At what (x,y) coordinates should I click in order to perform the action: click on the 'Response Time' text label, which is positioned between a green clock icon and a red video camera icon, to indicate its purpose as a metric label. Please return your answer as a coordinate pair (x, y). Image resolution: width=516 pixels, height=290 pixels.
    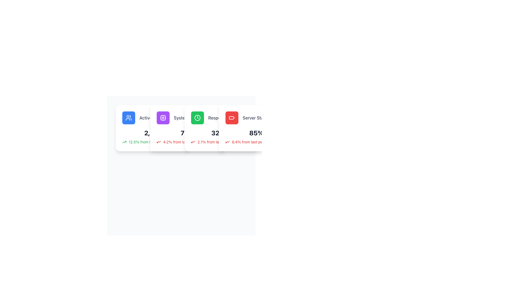
    Looking at the image, I should click on (223, 118).